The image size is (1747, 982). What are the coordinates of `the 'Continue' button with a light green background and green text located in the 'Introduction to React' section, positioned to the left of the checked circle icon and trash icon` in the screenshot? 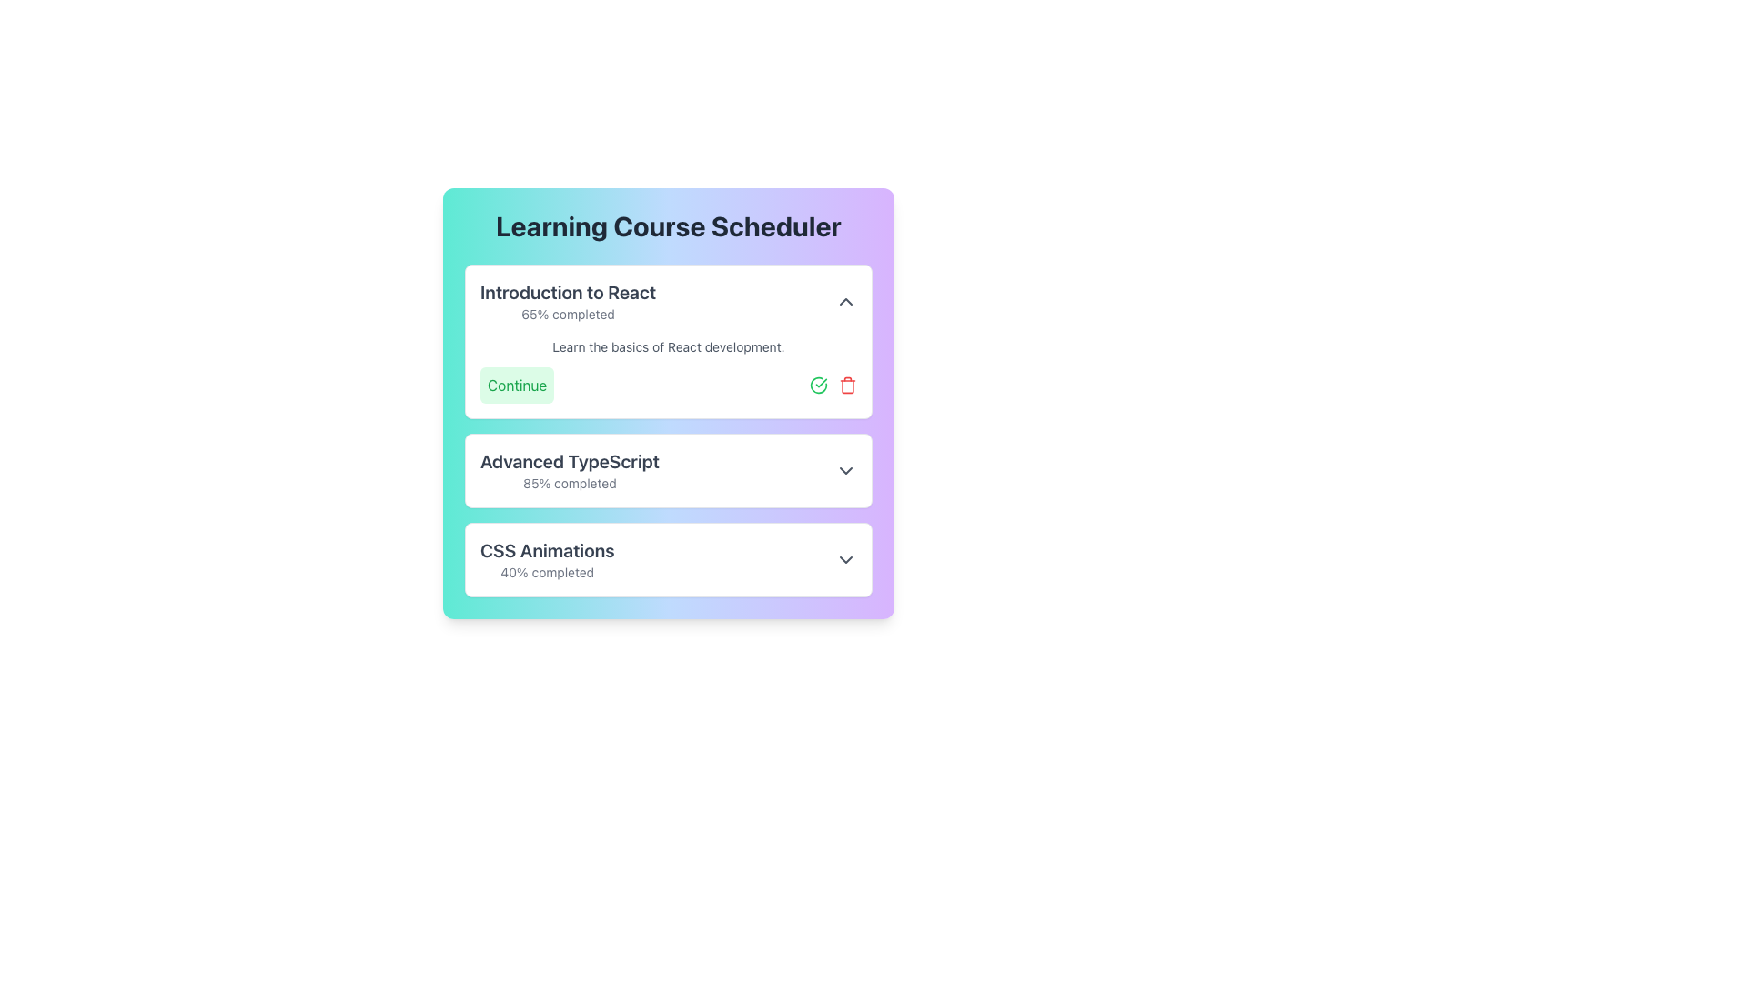 It's located at (516, 385).